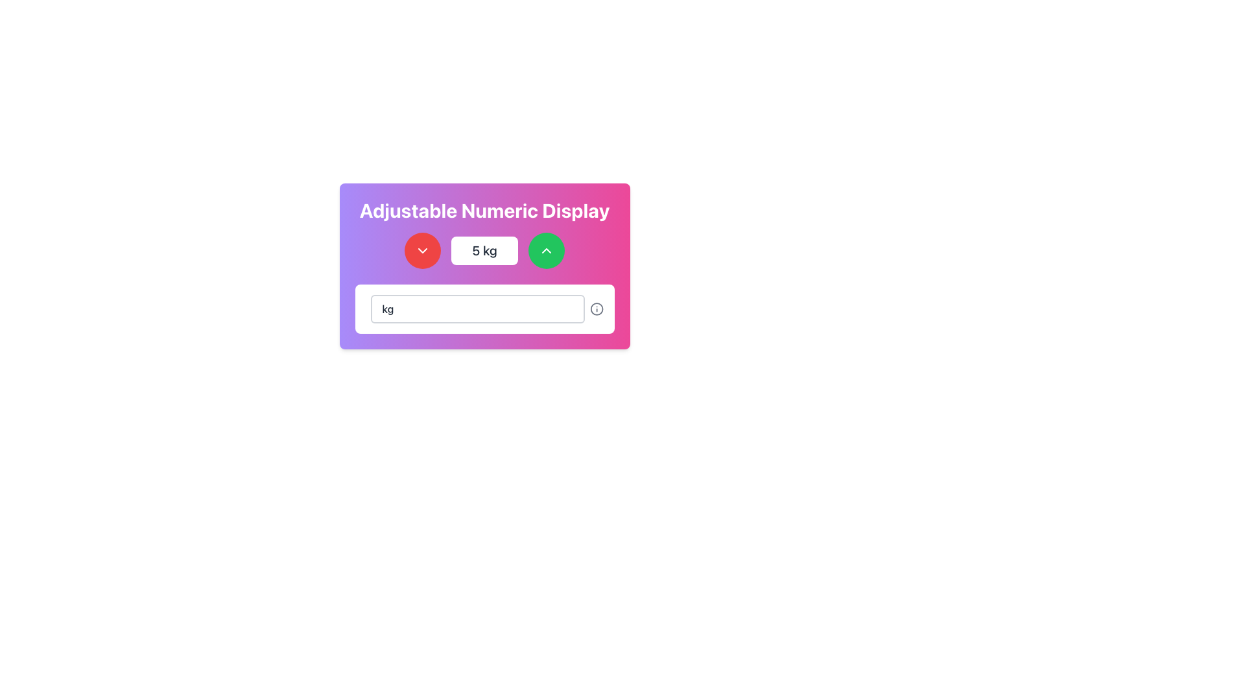 This screenshot has width=1245, height=700. Describe the element at coordinates (546, 250) in the screenshot. I see `the increment button located in the top-right of the interactive panel, which is the third element in a row of controls, to increase the numeric value displayed in the adjacent field` at that location.